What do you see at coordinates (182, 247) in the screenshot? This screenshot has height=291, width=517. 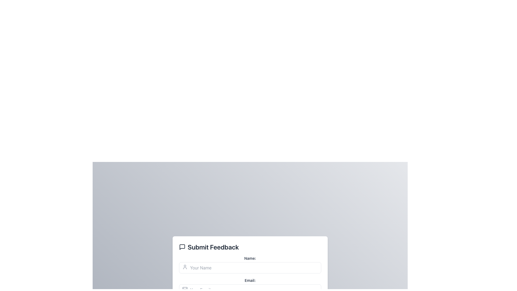 I see `the speech bubble icon located to the left of the 'Submit Feedback' text` at bounding box center [182, 247].